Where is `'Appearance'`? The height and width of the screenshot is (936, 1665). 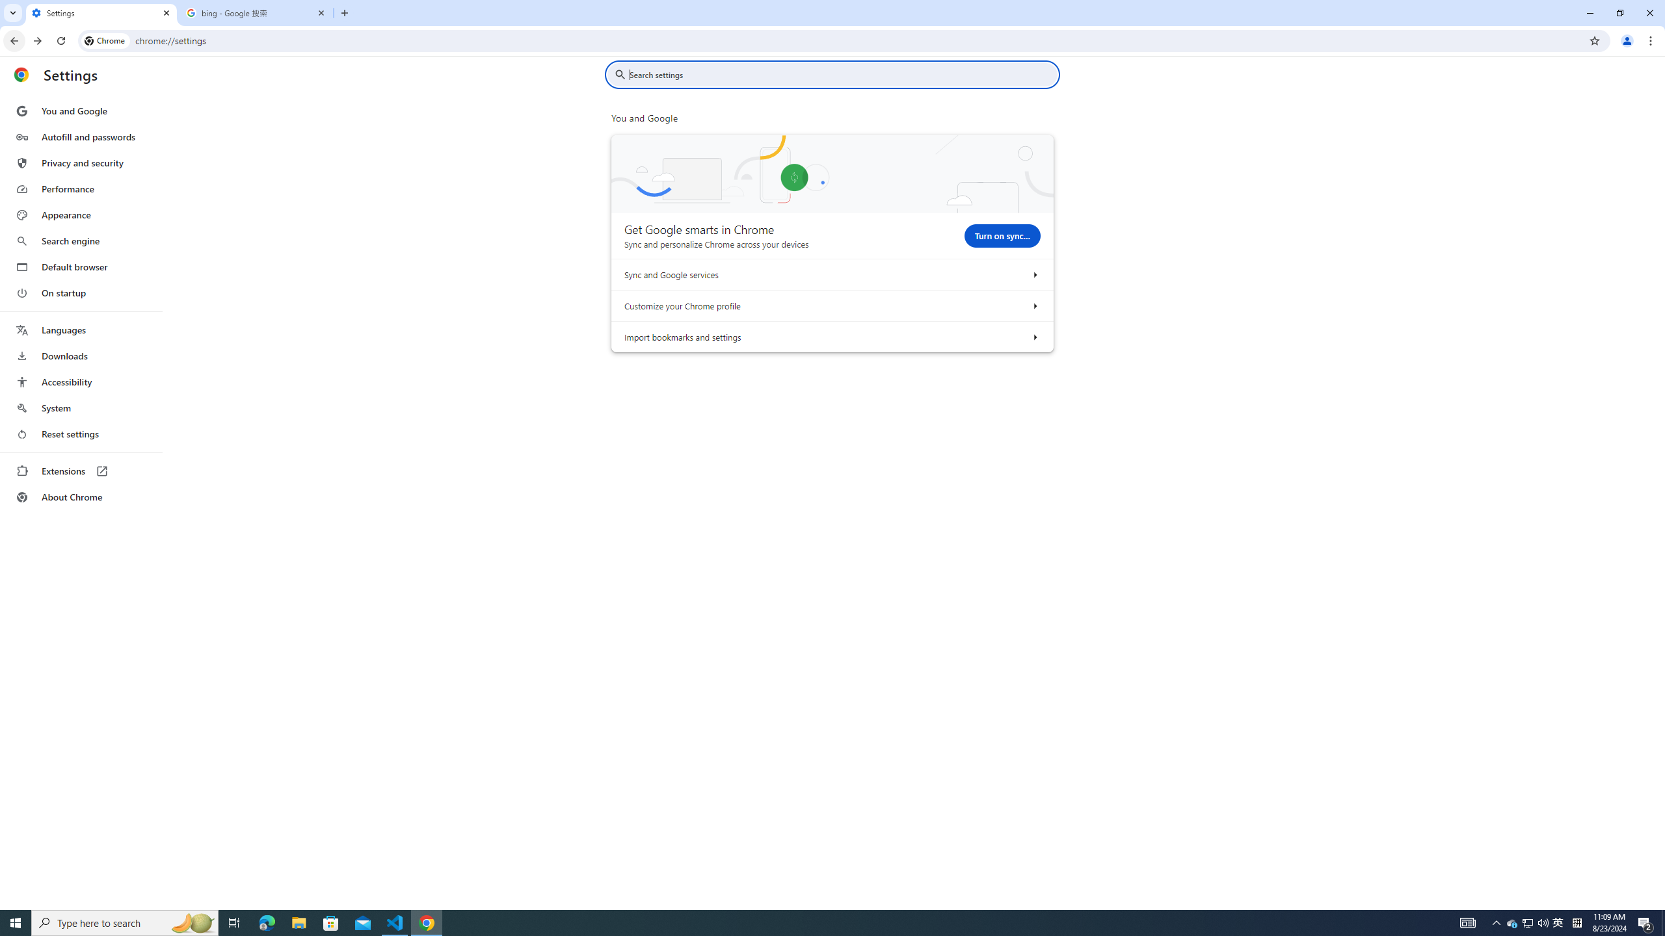 'Appearance' is located at coordinates (80, 214).